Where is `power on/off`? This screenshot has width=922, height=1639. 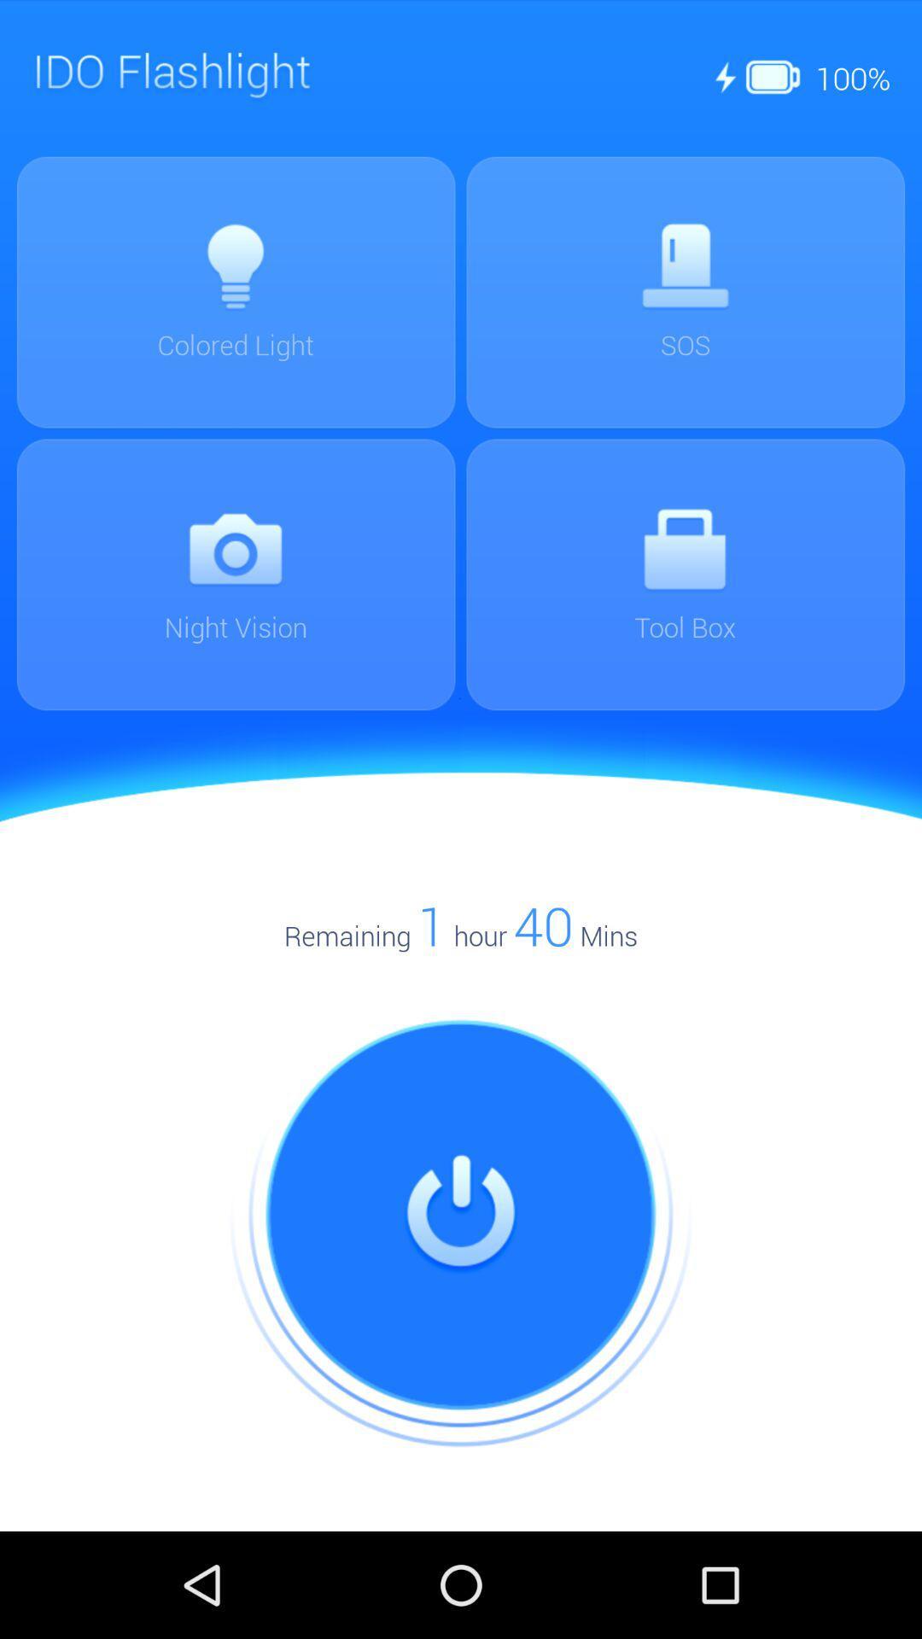 power on/off is located at coordinates (461, 1215).